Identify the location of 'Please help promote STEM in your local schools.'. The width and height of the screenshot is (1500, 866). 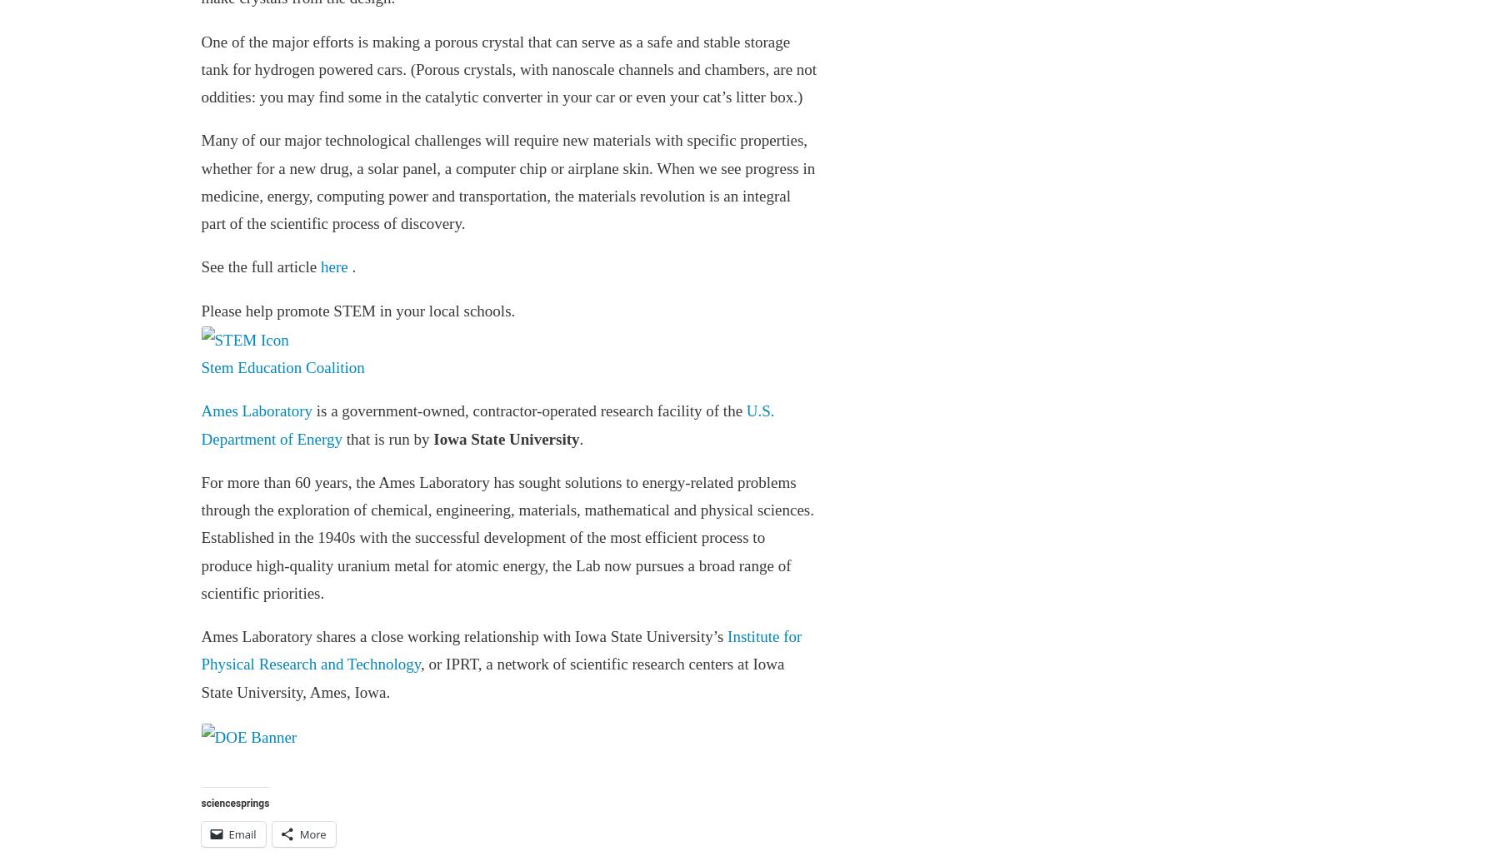
(357, 309).